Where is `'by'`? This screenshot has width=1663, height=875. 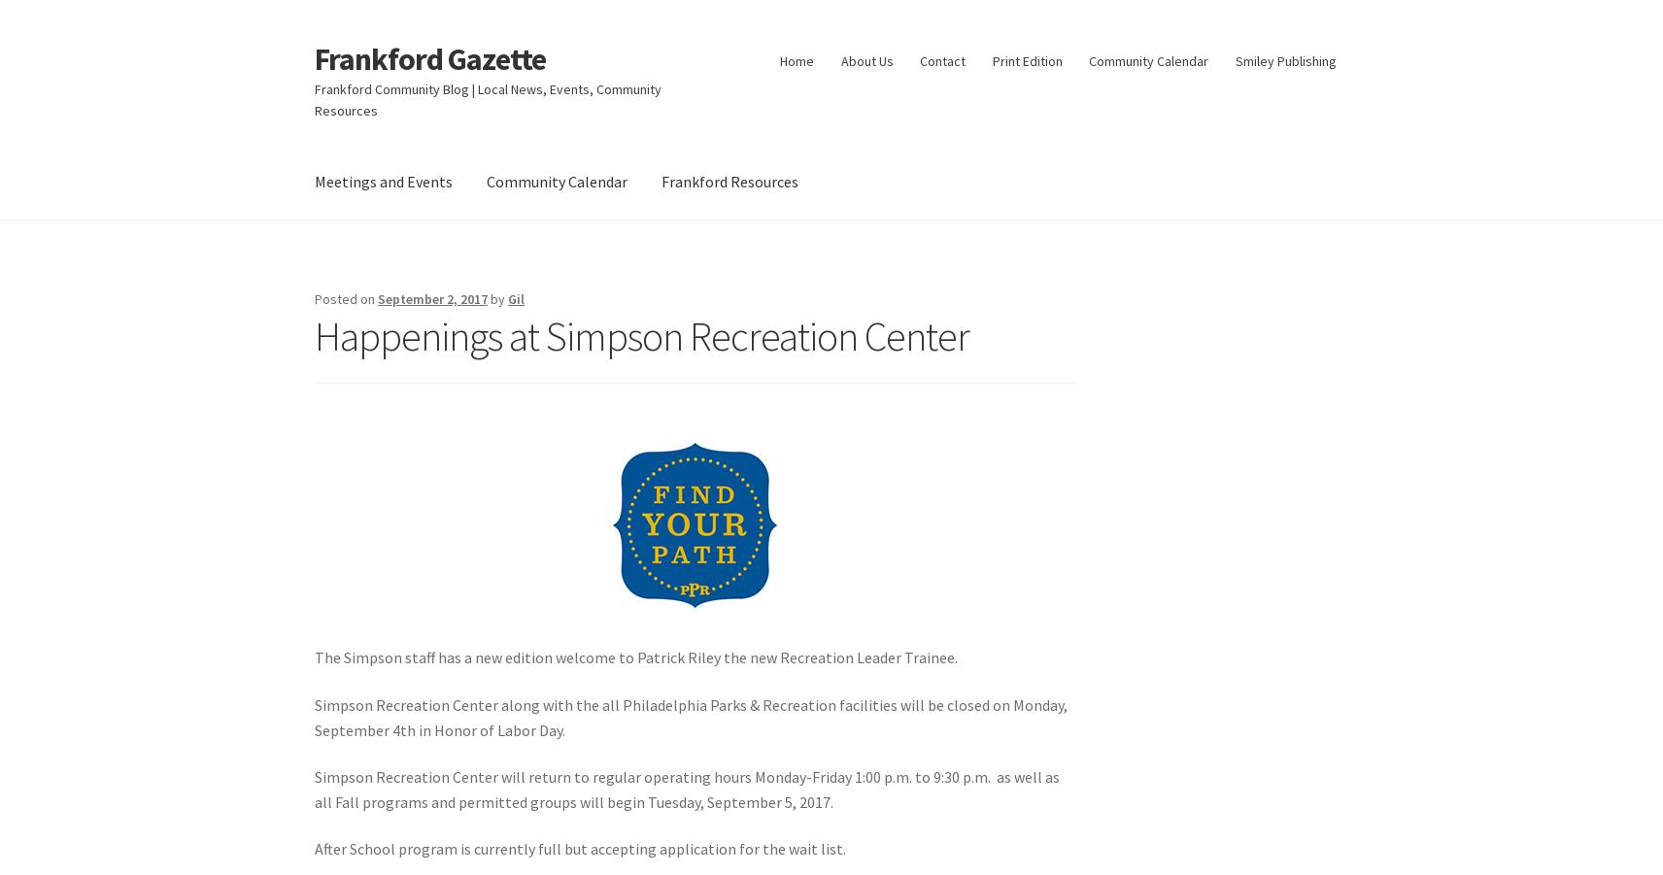 'by' is located at coordinates (497, 298).